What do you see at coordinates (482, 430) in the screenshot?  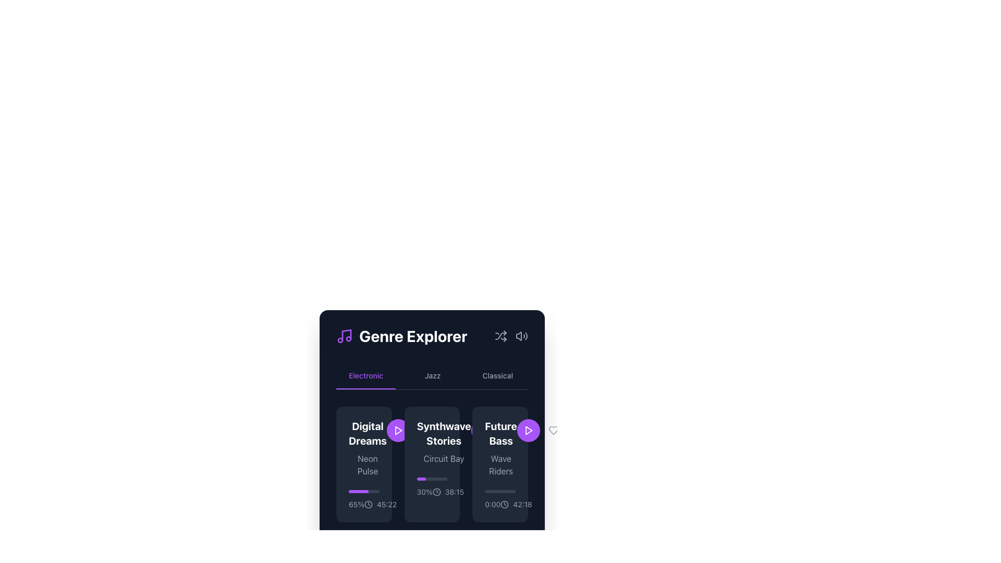 I see `the triangular 'play' icon styled in white within the small circular purple button located in the rightmost interactive button of the 'Future Bass' card in the 'Electronic' section` at bounding box center [482, 430].